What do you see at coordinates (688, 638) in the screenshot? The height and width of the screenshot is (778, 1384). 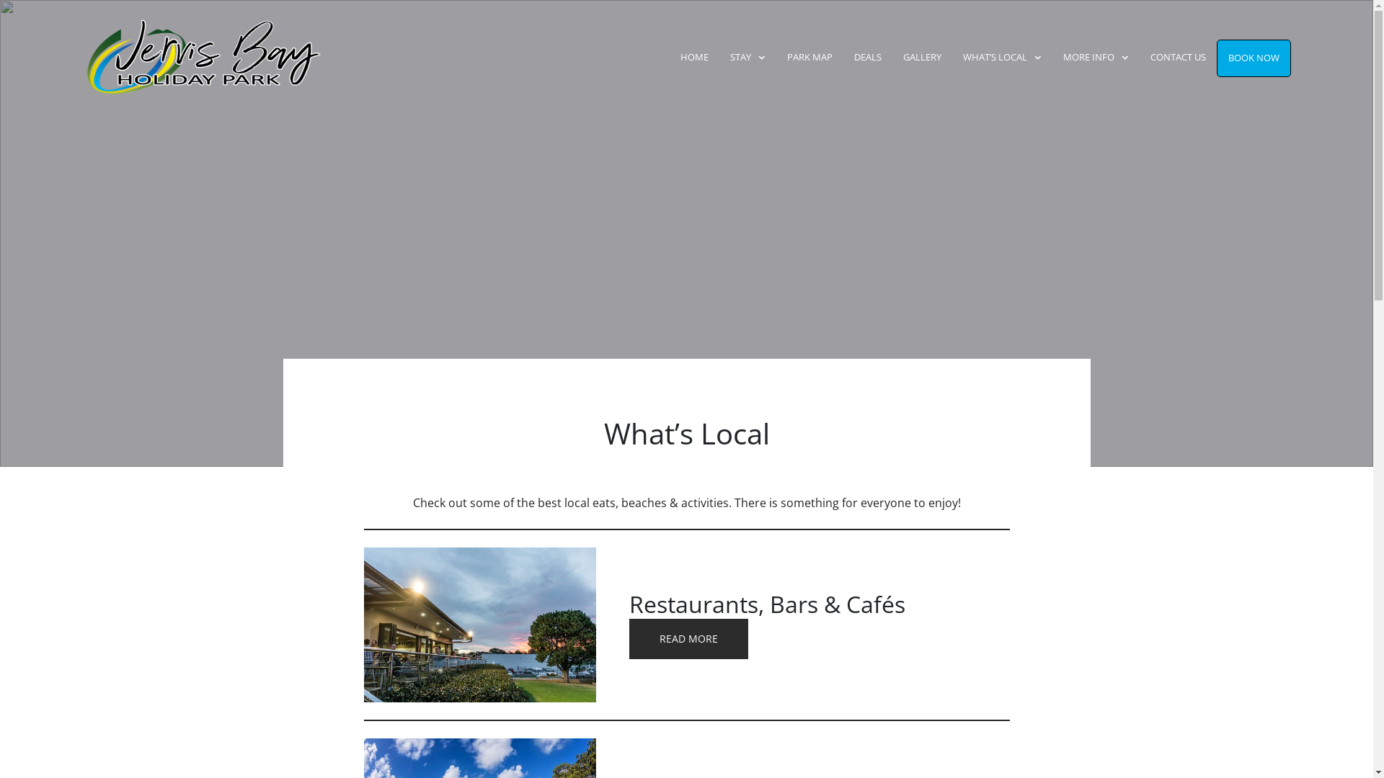 I see `'READ MORE'` at bounding box center [688, 638].